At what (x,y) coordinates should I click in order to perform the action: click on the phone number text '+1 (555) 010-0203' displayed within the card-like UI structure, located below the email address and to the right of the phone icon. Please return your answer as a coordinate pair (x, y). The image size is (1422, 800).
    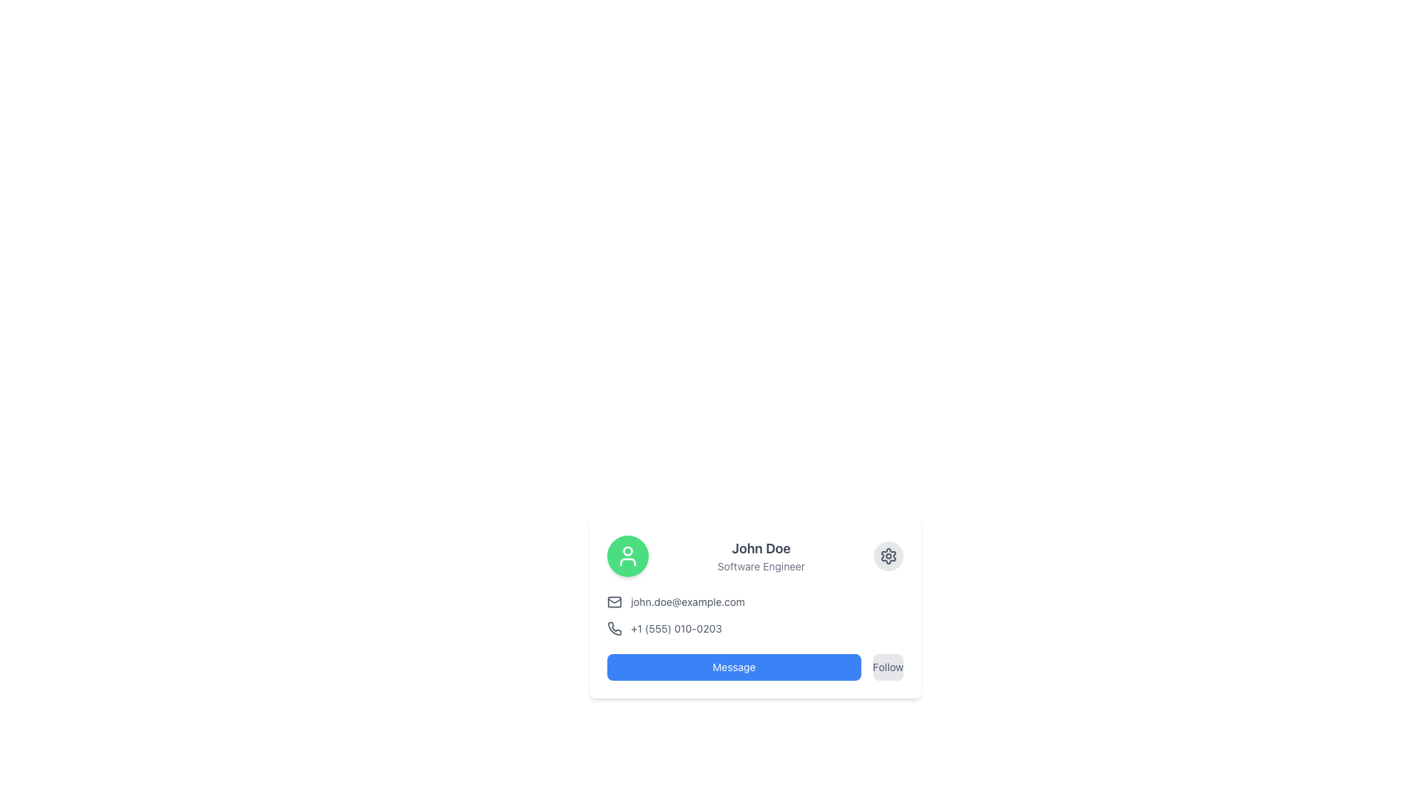
    Looking at the image, I should click on (675, 628).